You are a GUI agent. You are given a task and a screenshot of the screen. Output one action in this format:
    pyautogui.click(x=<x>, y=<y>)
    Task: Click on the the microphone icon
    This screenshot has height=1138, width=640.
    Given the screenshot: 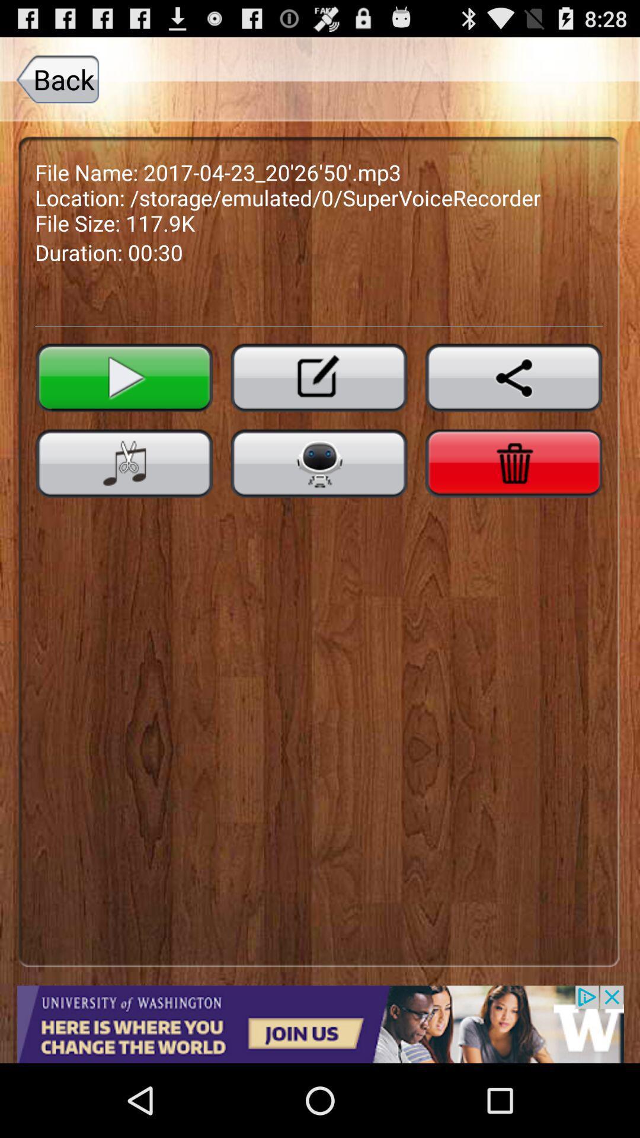 What is the action you would take?
    pyautogui.click(x=318, y=496)
    